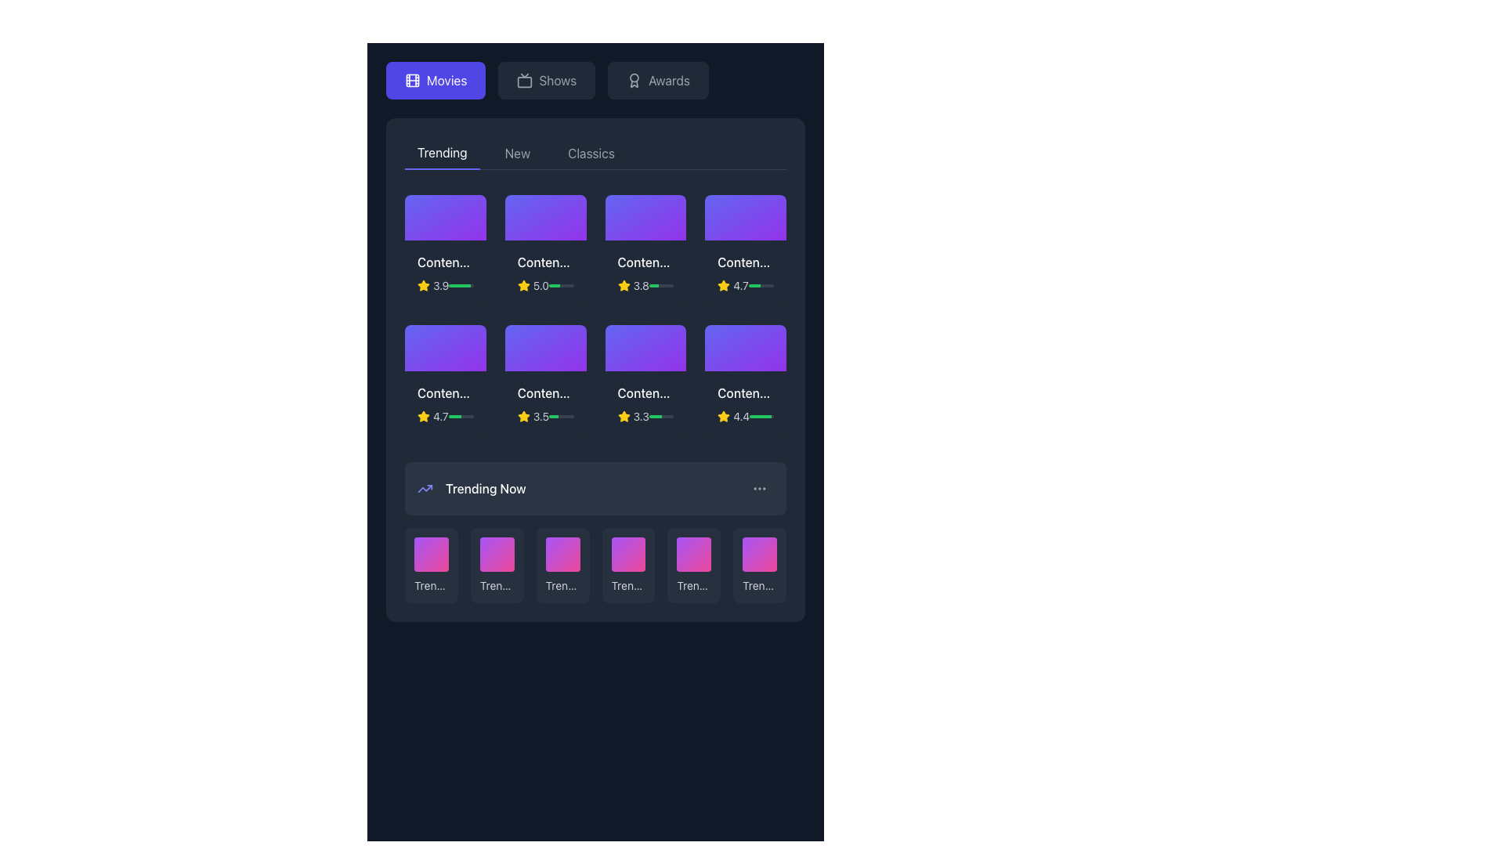  What do you see at coordinates (545, 250) in the screenshot?
I see `the second content card tile in the top row of the 'Trending' section in the 'Movies' interface` at bounding box center [545, 250].